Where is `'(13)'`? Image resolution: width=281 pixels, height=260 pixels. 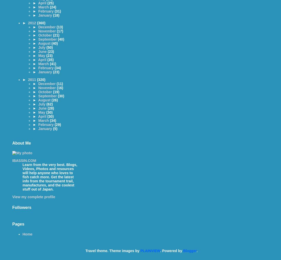 '(13)' is located at coordinates (56, 27).